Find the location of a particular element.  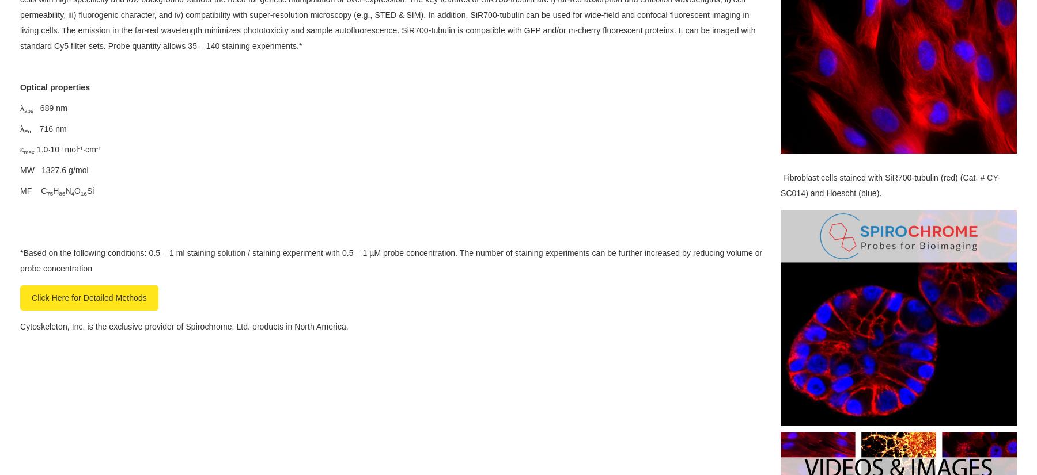

'86' is located at coordinates (61, 192).